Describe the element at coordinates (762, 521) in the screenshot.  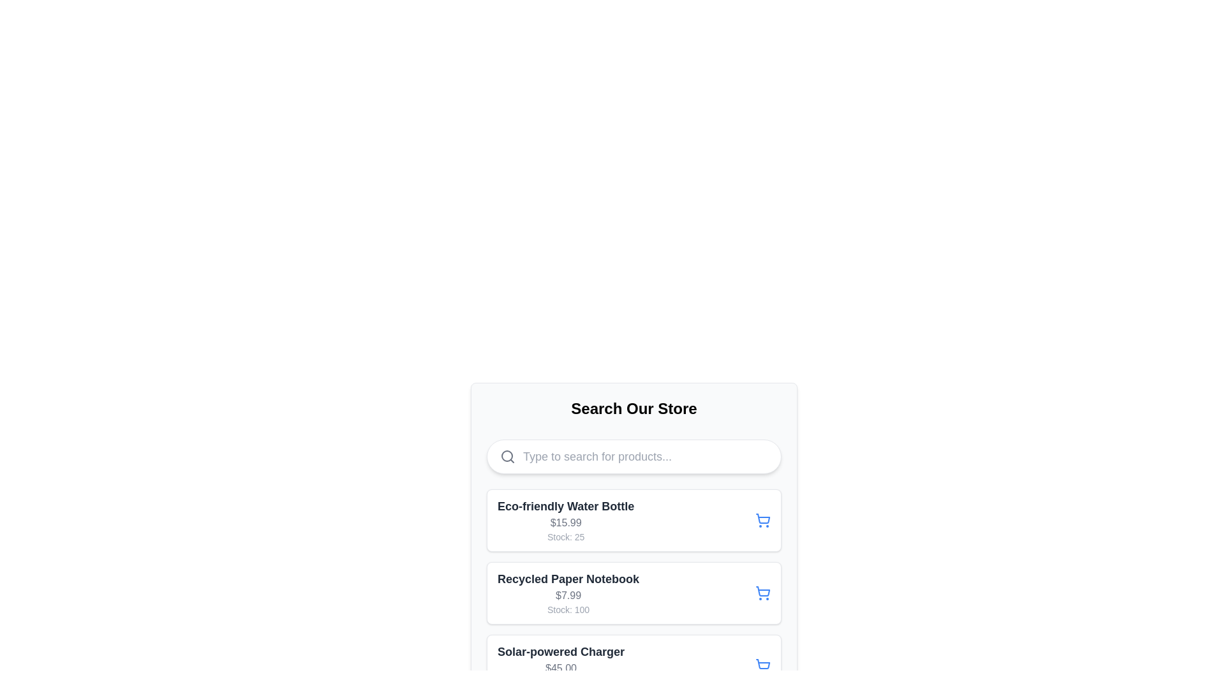
I see `the blue shopping cart icon located to the far right of the 'Eco-friendly Water Bottle' product information` at that location.